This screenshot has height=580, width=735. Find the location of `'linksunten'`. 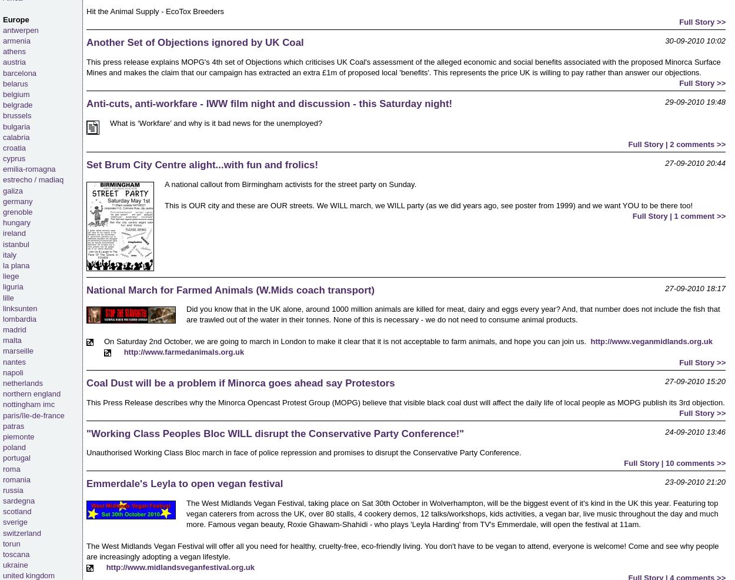

'linksunten' is located at coordinates (20, 307).